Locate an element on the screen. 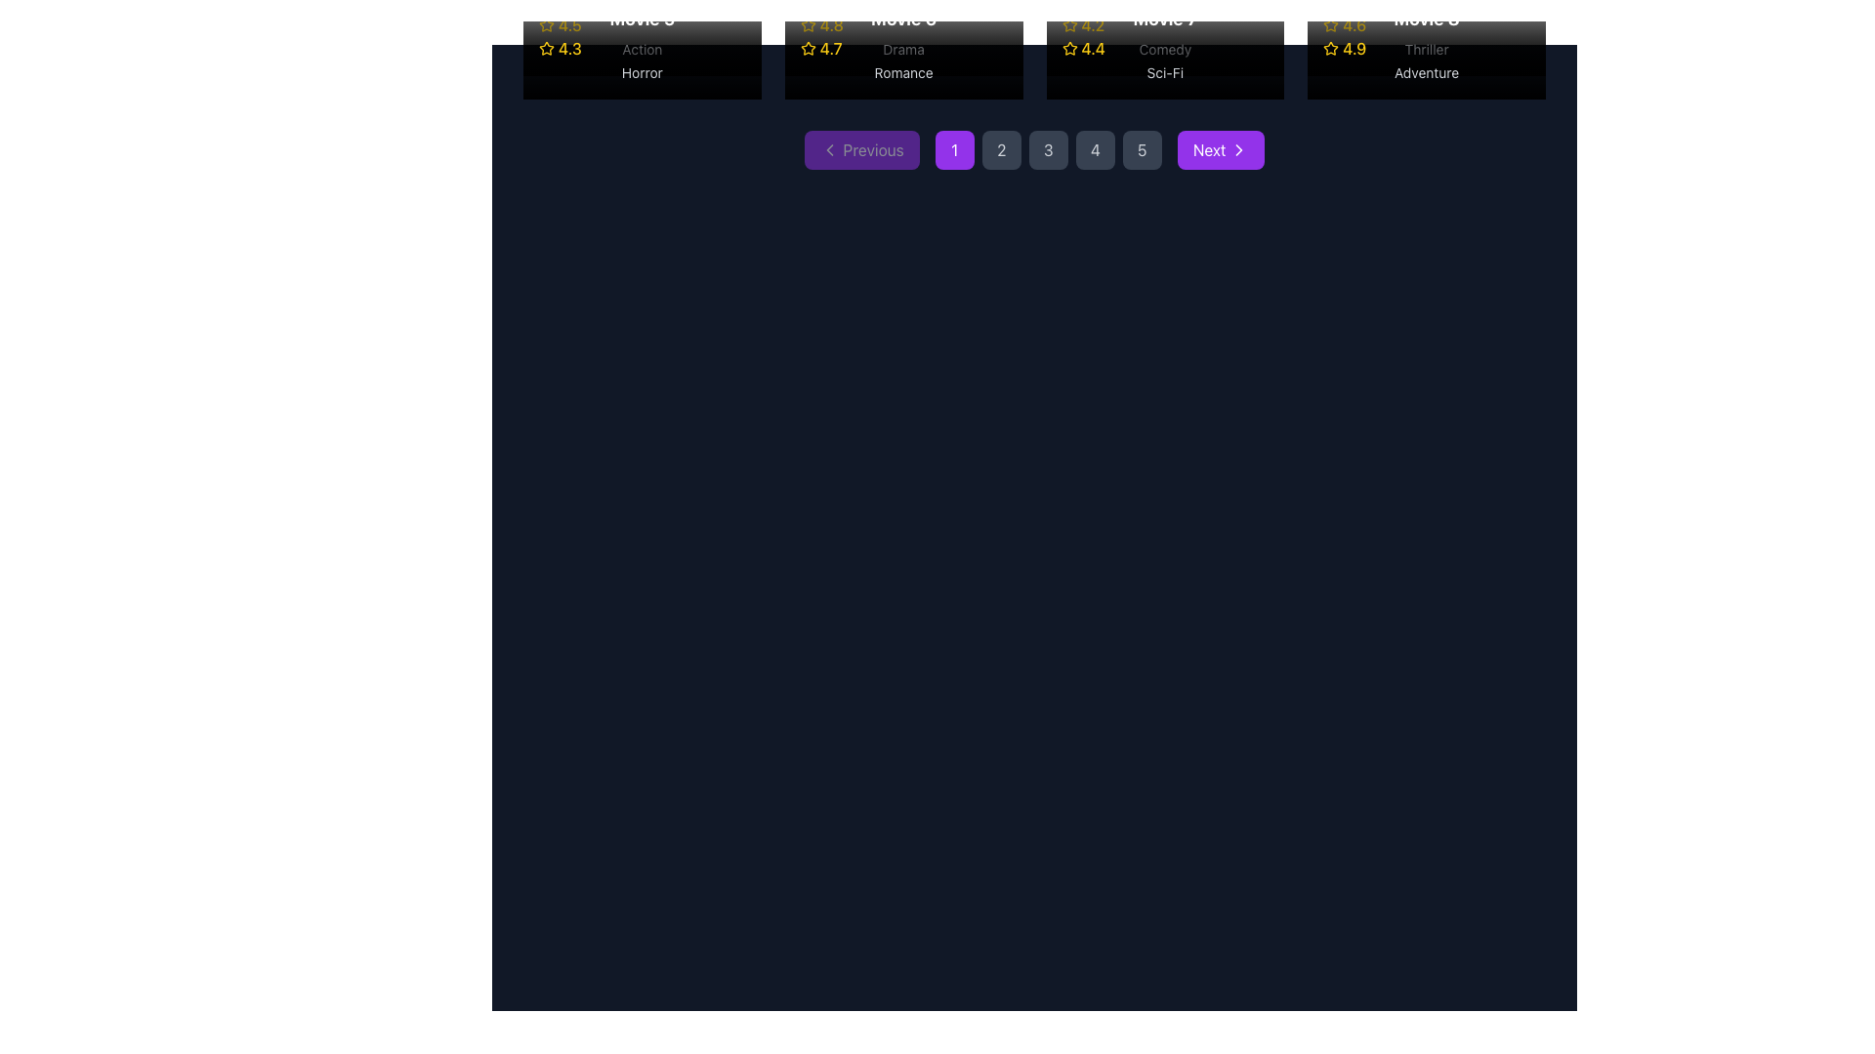 The image size is (1875, 1054). the Chevron icon located inside the purple 'Next' button at the lower center area of the interface, which visually indicates moving forward or navigating to the next page is located at coordinates (1238, 149).